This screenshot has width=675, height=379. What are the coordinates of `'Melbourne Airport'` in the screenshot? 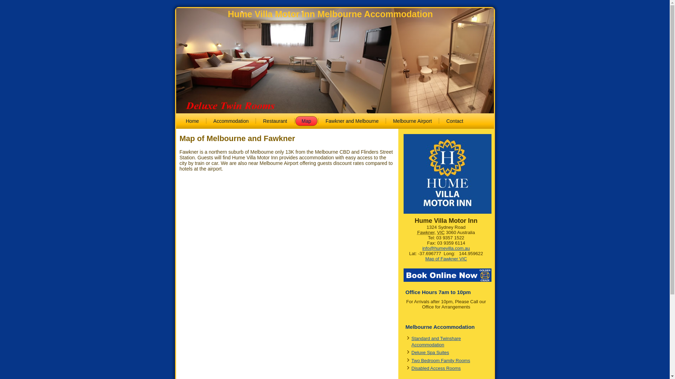 It's located at (386, 120).